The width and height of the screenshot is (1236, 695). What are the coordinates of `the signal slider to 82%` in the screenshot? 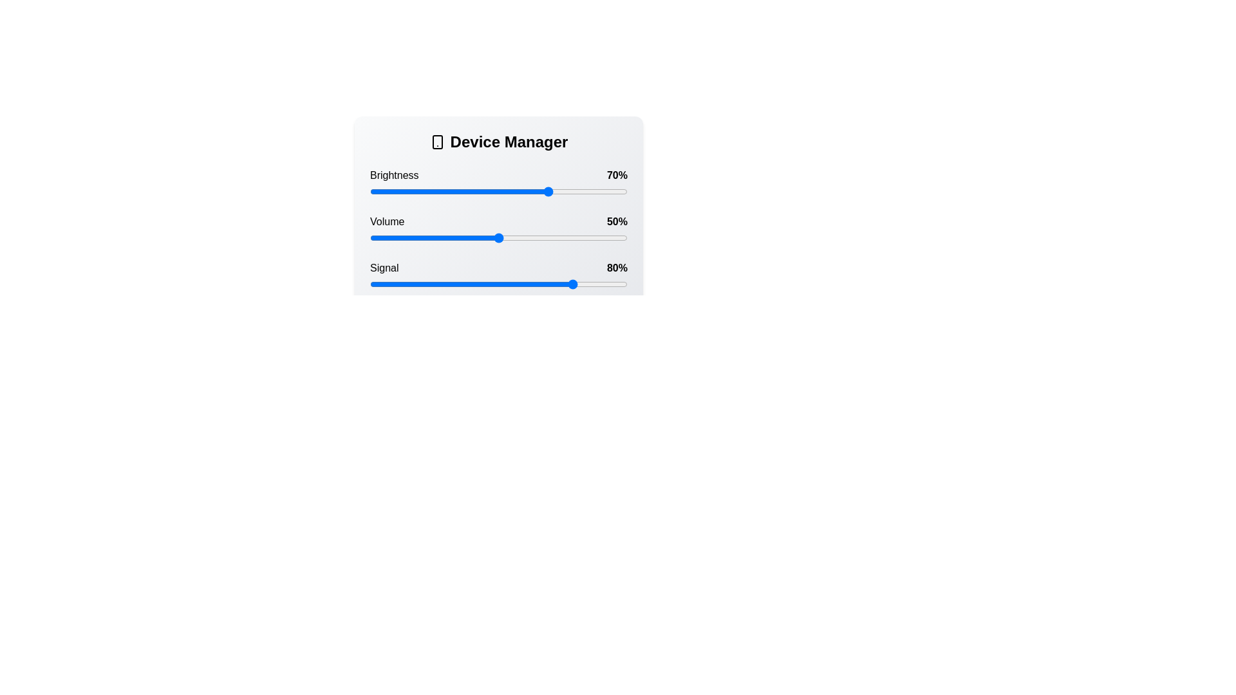 It's located at (580, 284).